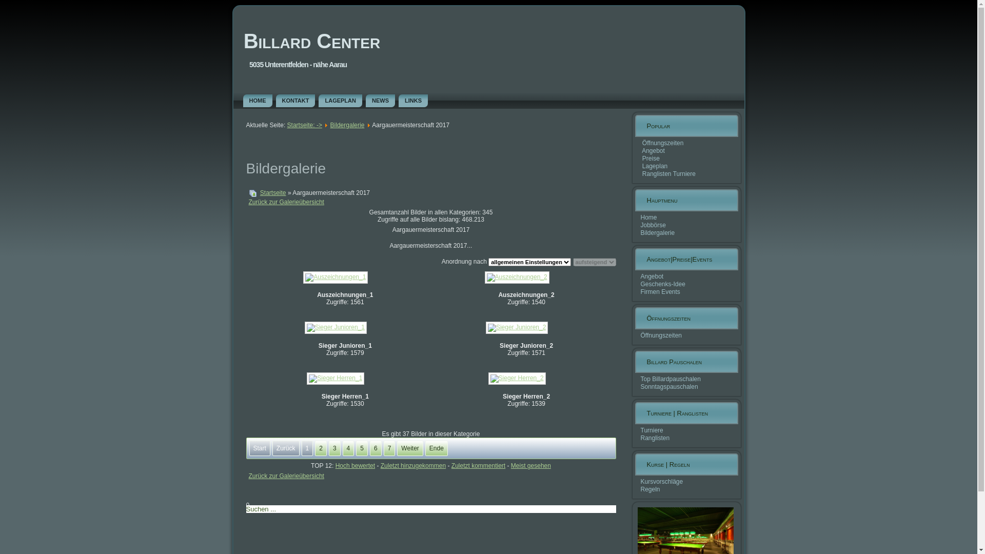  What do you see at coordinates (398, 101) in the screenshot?
I see `'LINKS'` at bounding box center [398, 101].